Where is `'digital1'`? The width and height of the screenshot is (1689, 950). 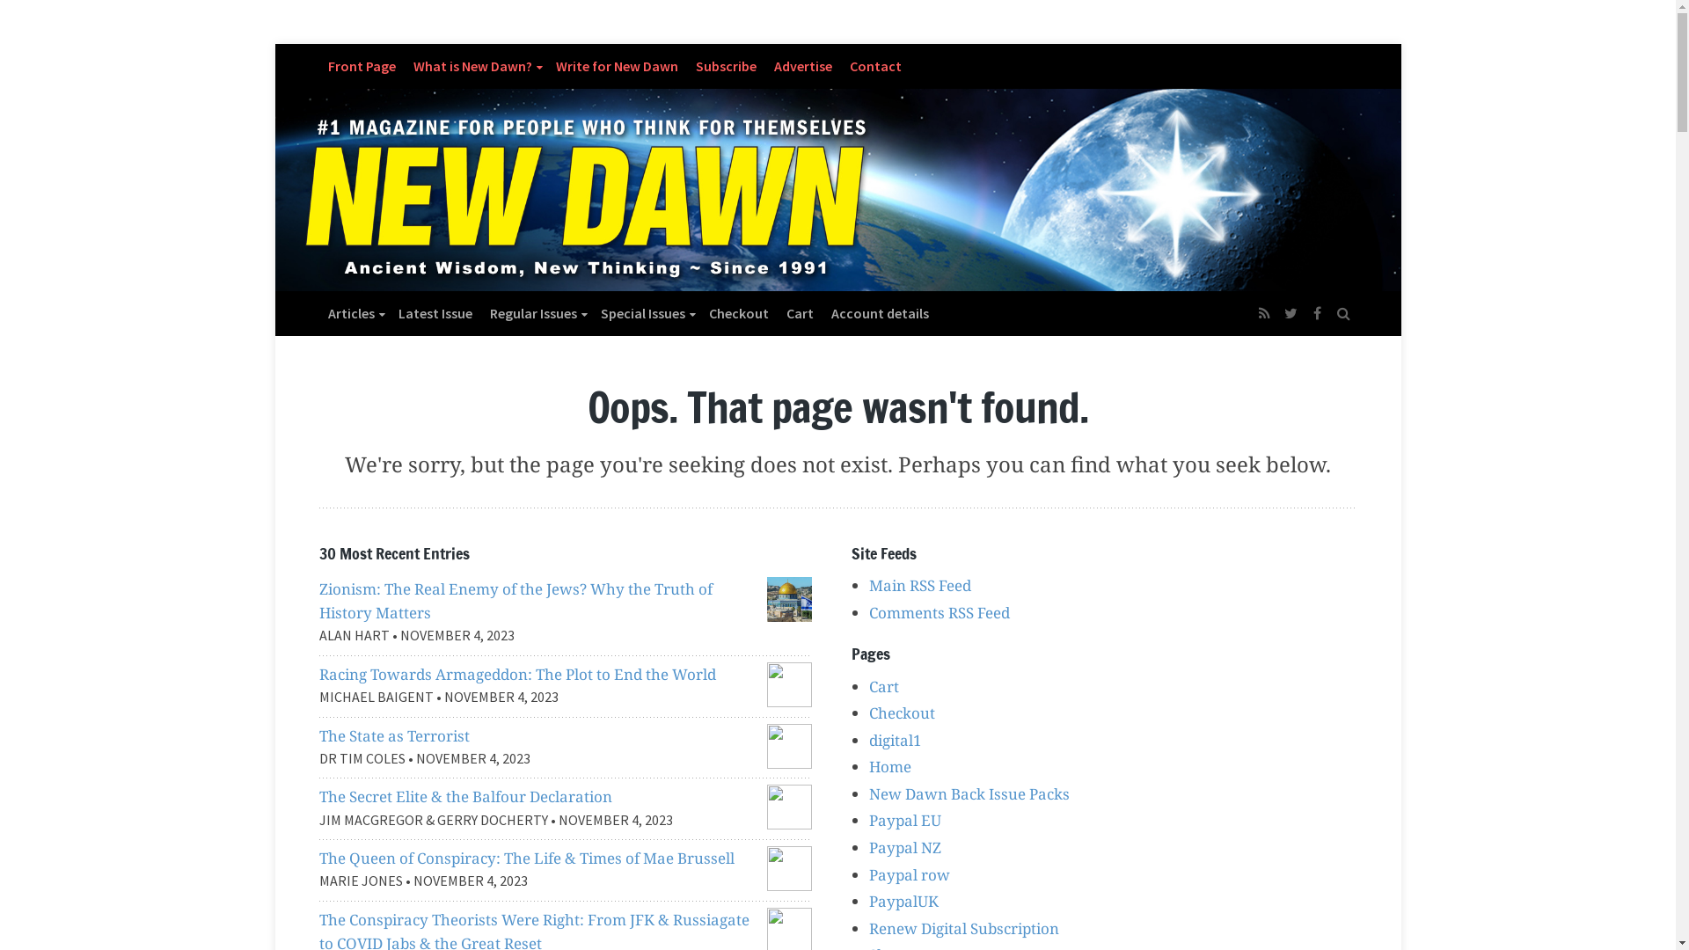 'digital1' is located at coordinates (895, 740).